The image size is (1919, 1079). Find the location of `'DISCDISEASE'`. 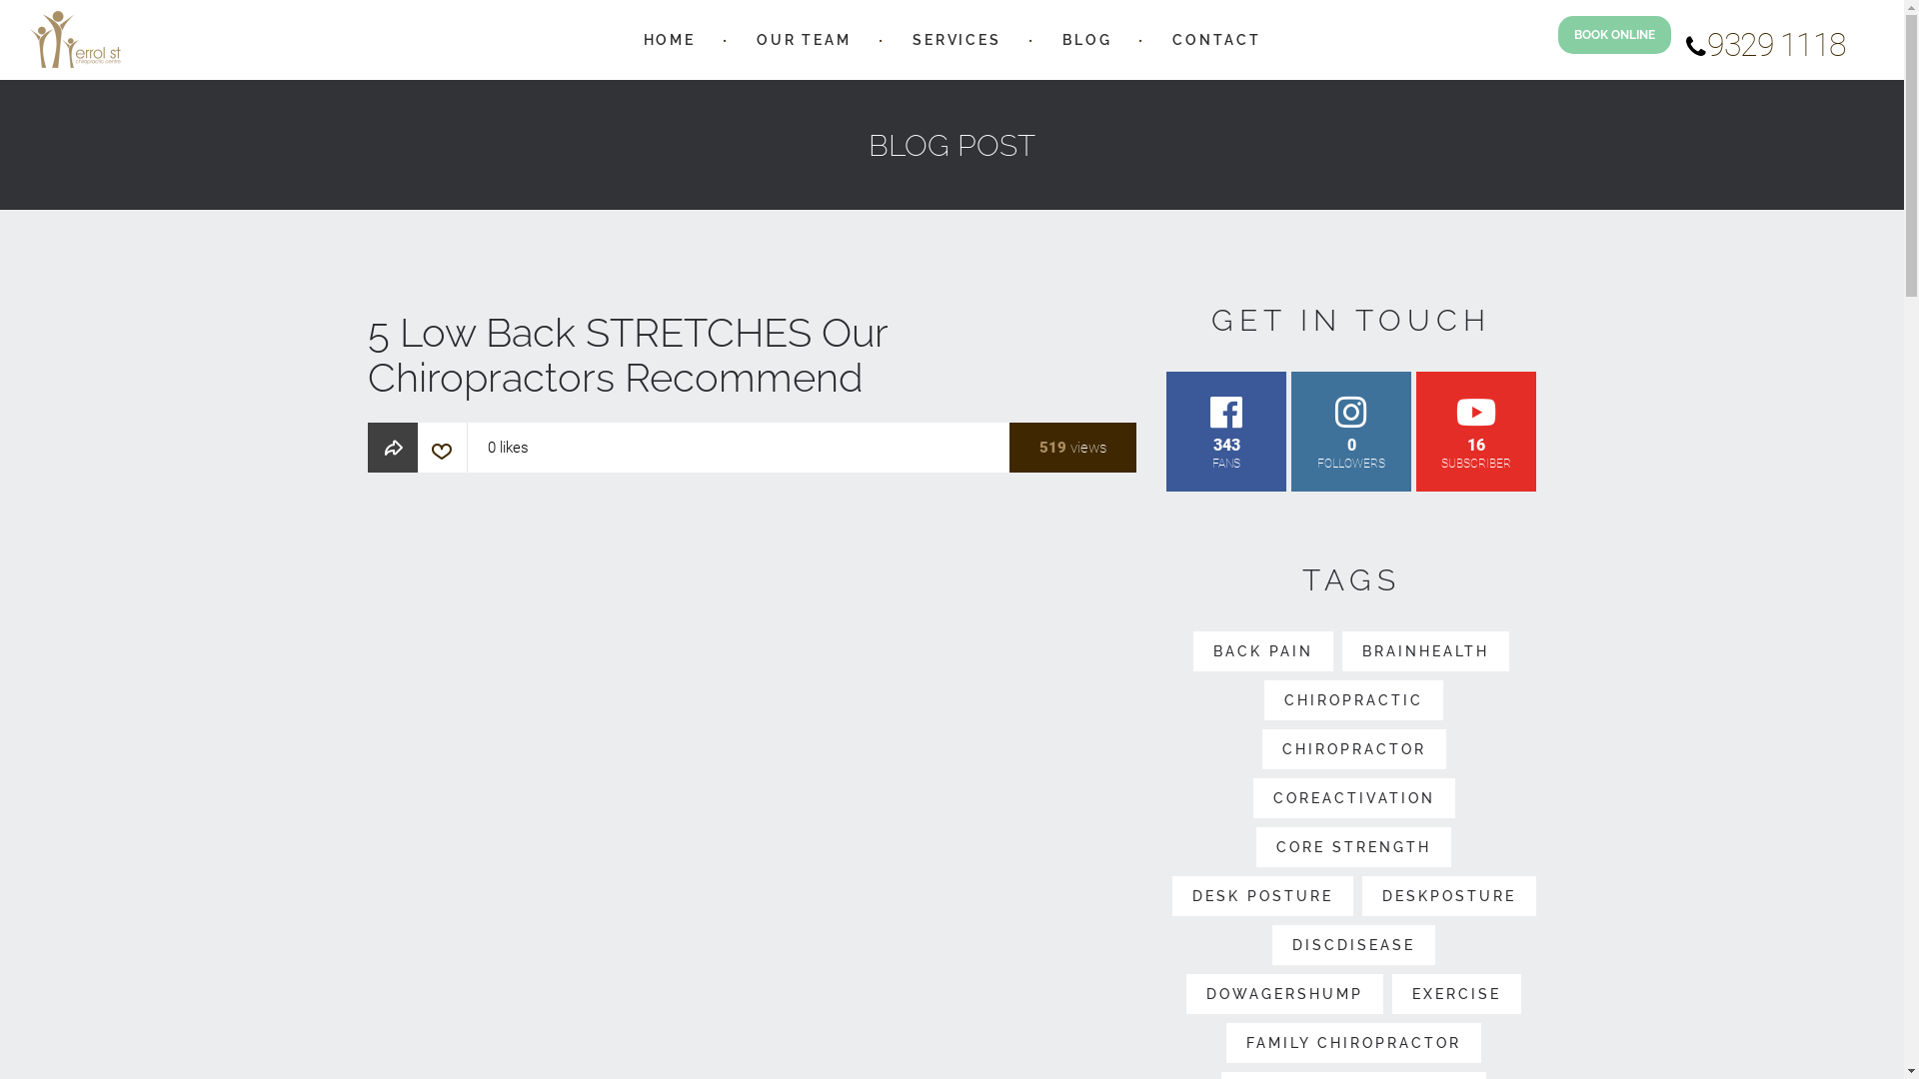

'DISCDISEASE' is located at coordinates (1353, 944).